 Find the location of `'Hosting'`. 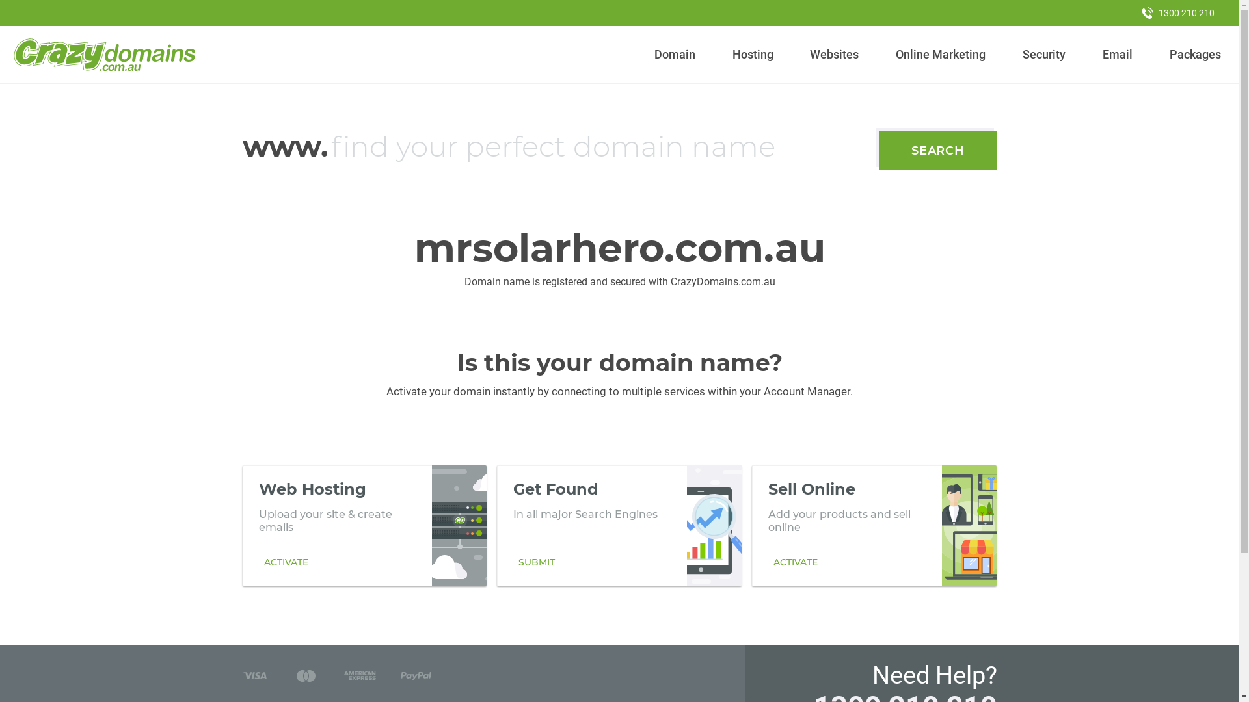

'Hosting' is located at coordinates (752, 54).